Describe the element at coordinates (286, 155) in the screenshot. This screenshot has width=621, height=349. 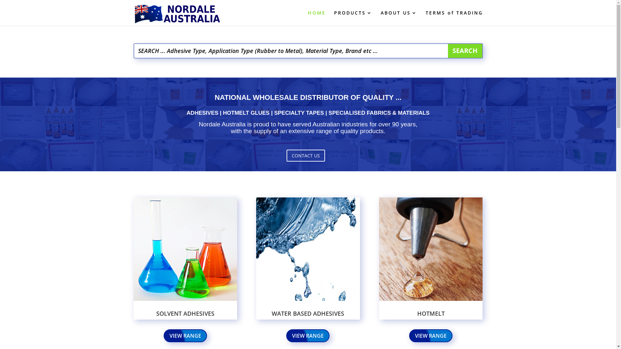
I see `'CONTACT US'` at that location.